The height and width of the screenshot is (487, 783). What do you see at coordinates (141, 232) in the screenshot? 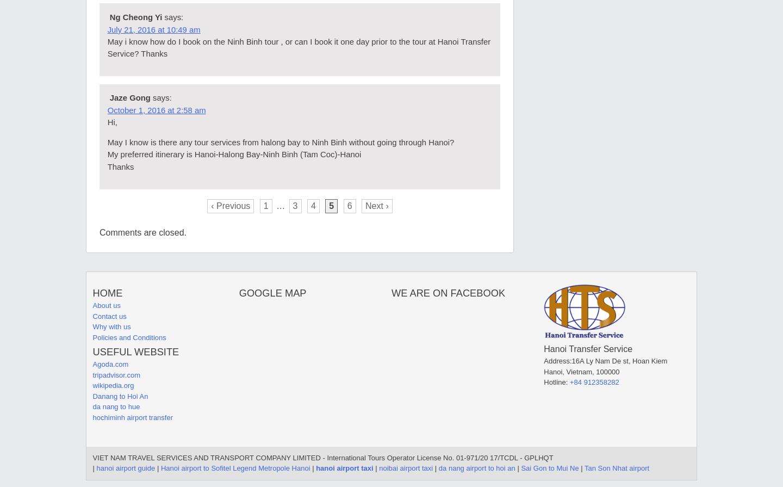
I see `'Comments are closed.'` at bounding box center [141, 232].